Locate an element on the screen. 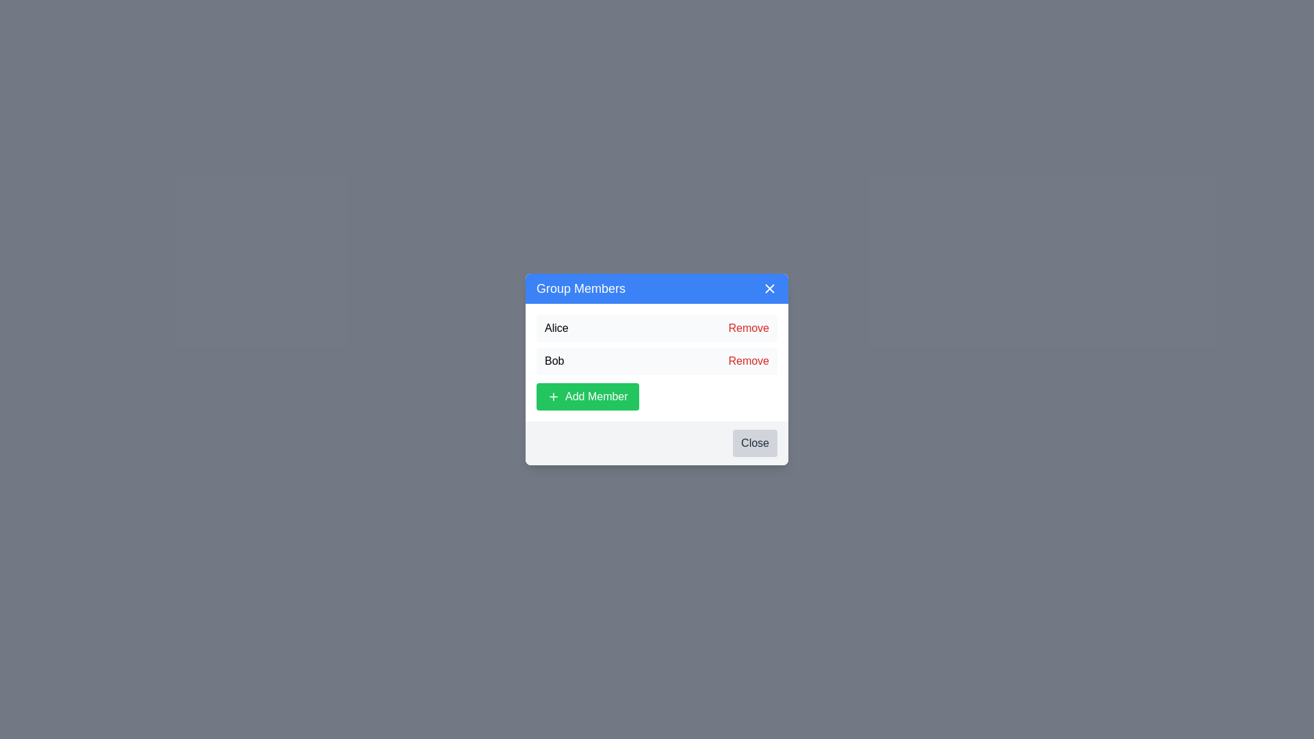 The width and height of the screenshot is (1314, 739). the clickable text link to remove the user 'Alice' from the group is located at coordinates (748, 328).